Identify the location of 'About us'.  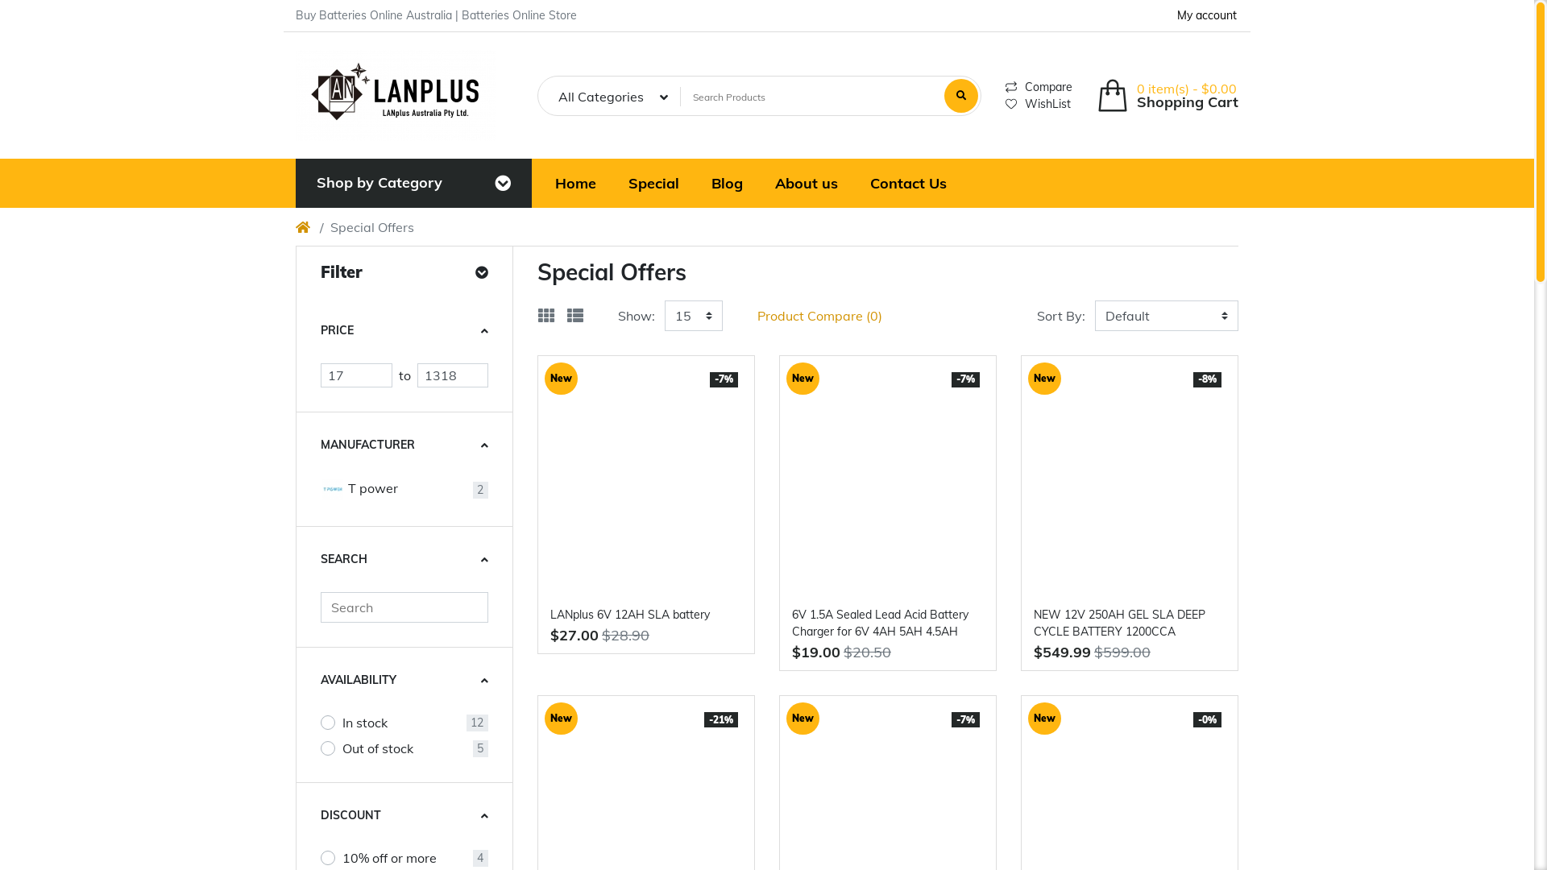
(807, 182).